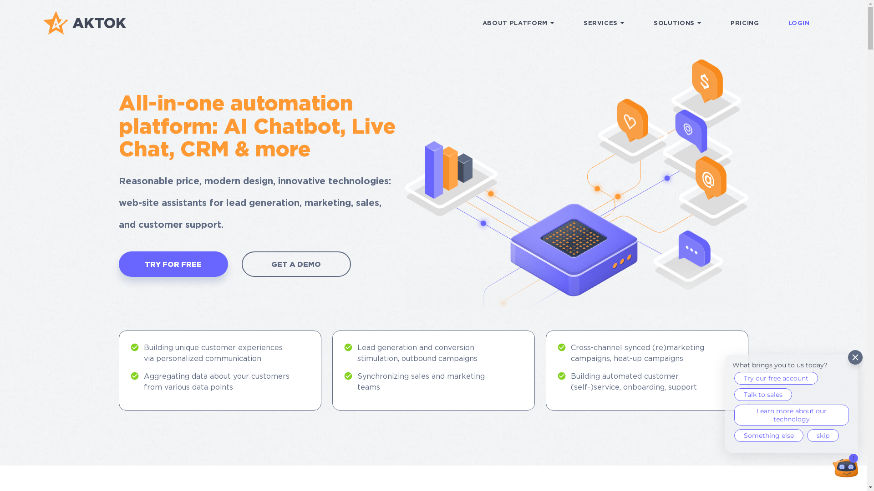 The height and width of the screenshot is (491, 874). What do you see at coordinates (791, 415) in the screenshot?
I see `'Learn more about our technology'` at bounding box center [791, 415].